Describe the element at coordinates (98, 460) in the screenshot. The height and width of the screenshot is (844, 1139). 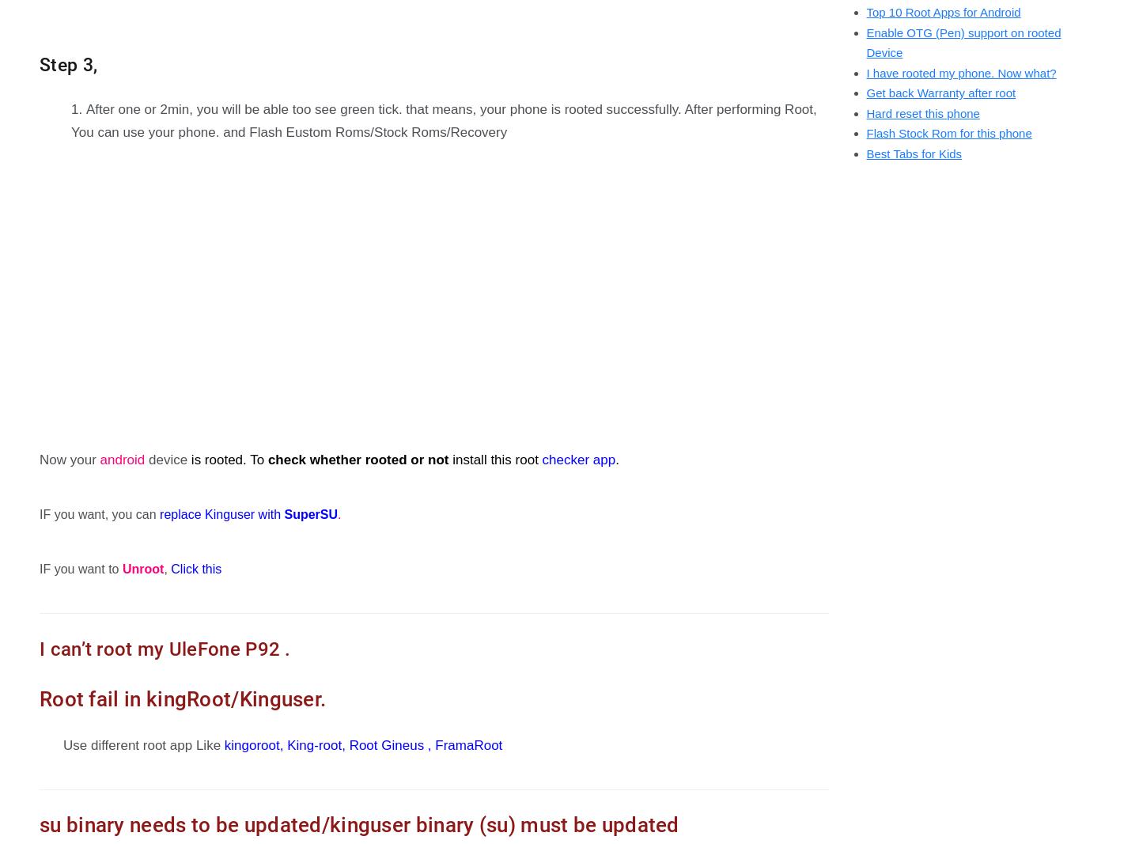
I see `'android'` at that location.